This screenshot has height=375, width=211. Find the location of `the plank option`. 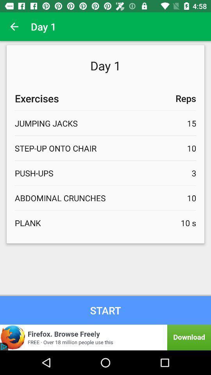

the plank option is located at coordinates (105, 223).